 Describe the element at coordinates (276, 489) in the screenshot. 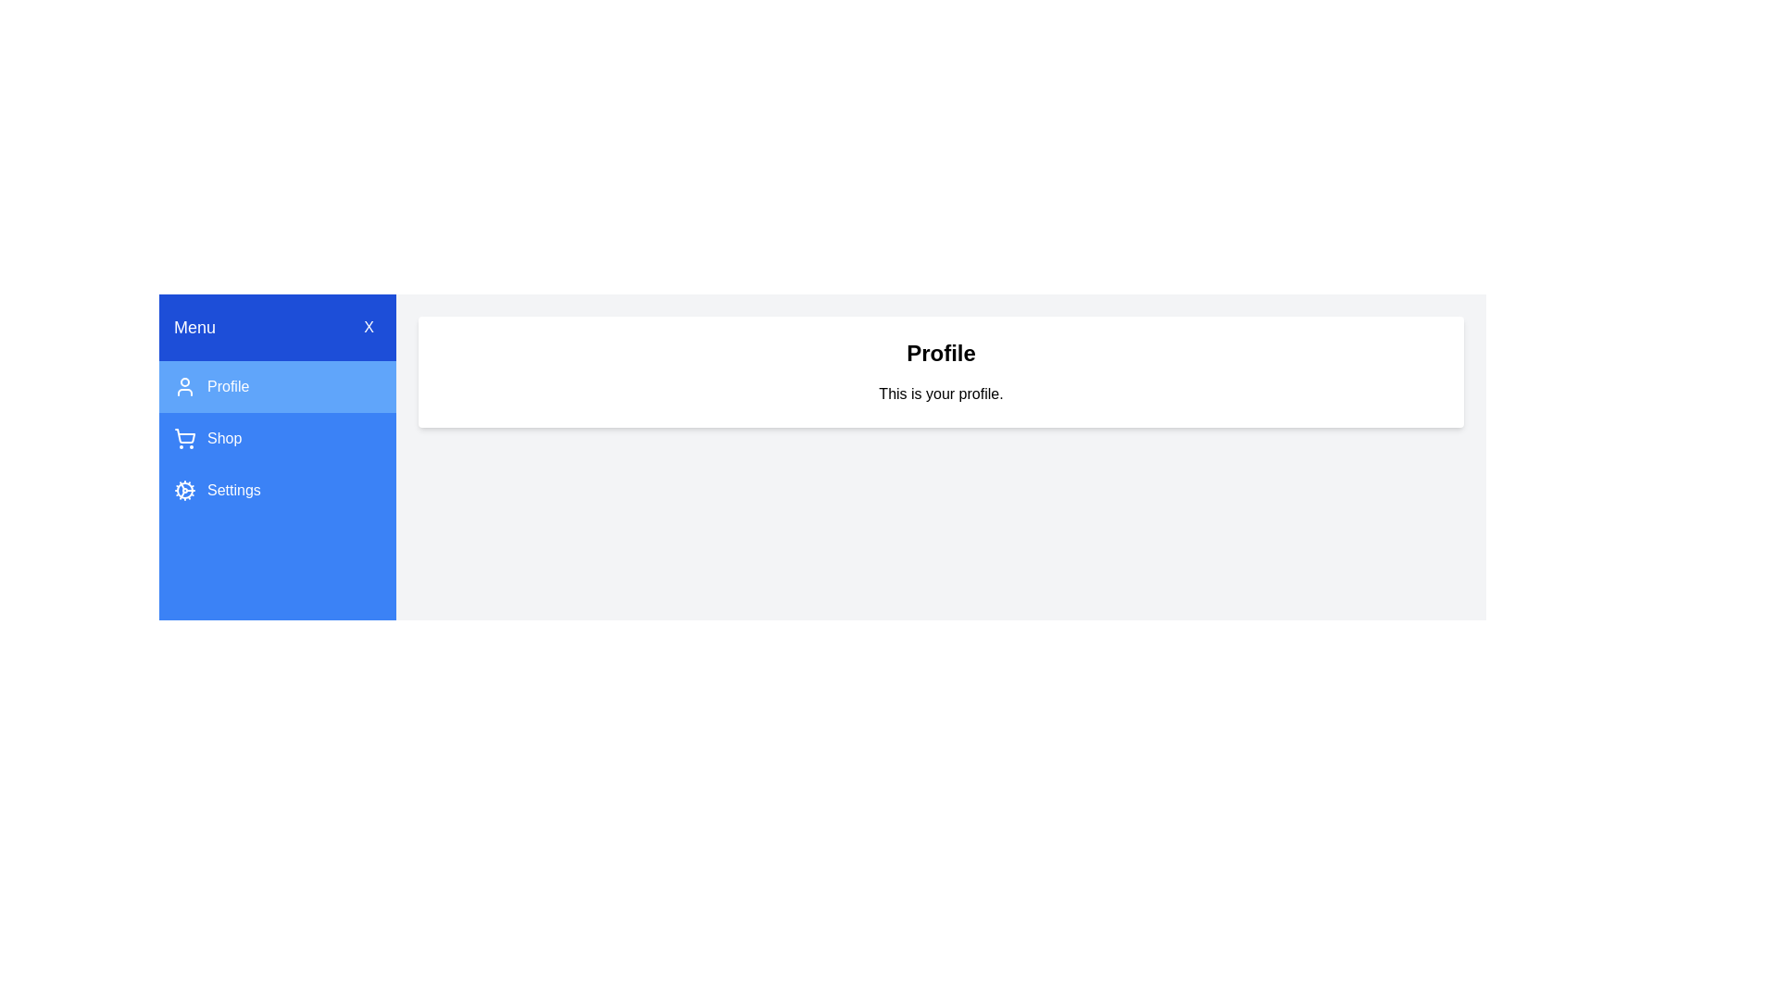

I see `the tab labeled Settings to view its content` at that location.